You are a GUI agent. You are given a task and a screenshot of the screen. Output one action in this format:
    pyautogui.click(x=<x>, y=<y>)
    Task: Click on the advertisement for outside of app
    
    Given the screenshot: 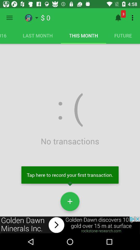 What is the action you would take?
    pyautogui.click(x=70, y=225)
    